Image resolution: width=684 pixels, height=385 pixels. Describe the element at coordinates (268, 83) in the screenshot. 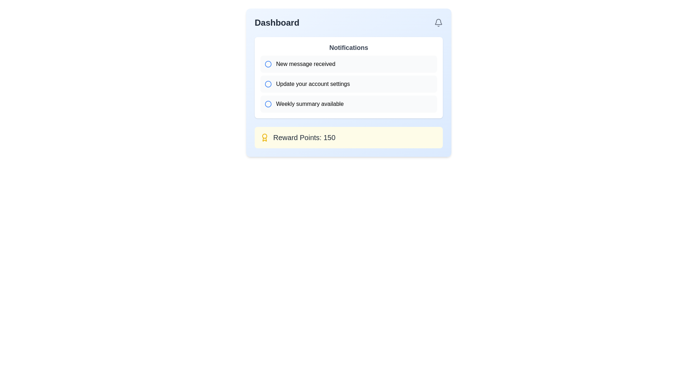

I see `the middle radio button styled with a blue stroke in the Notifications card below the Dashboard header` at that location.